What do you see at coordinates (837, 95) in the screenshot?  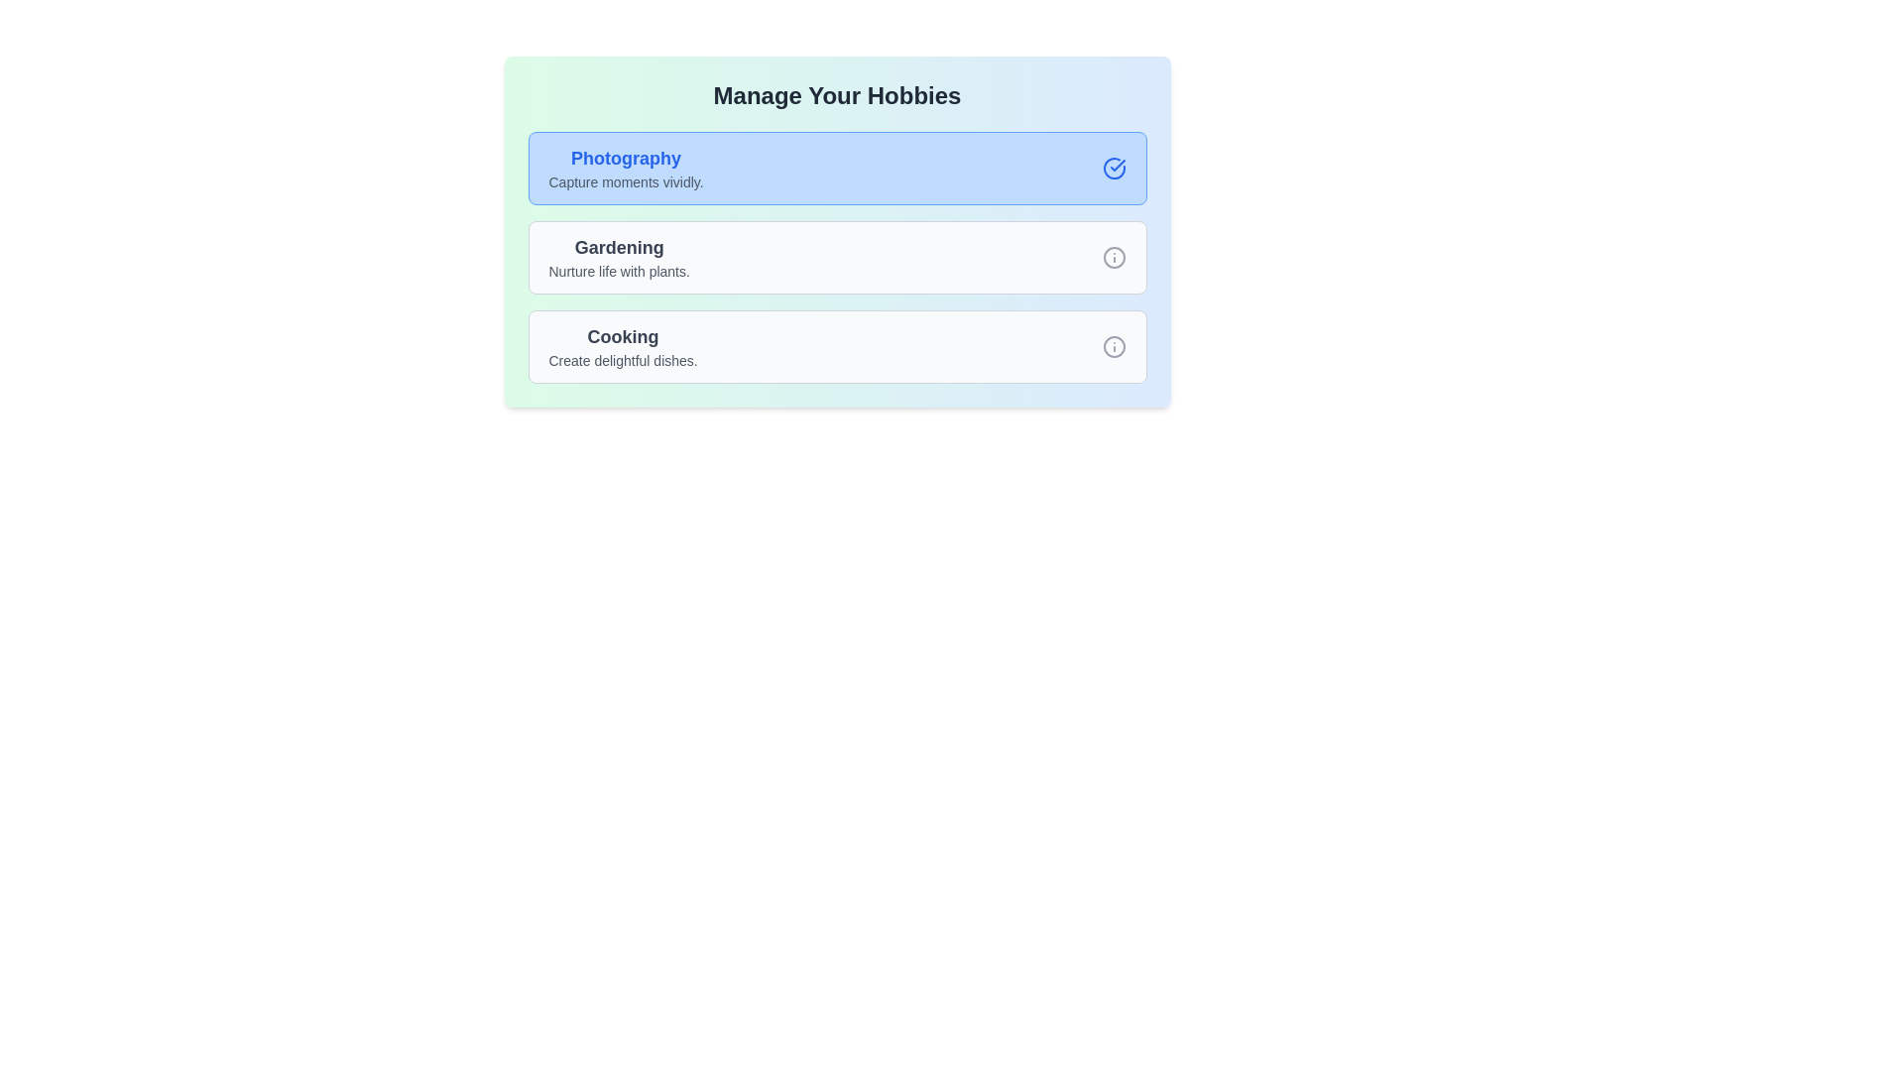 I see `the title and description text elements to visually inspect their content` at bounding box center [837, 95].